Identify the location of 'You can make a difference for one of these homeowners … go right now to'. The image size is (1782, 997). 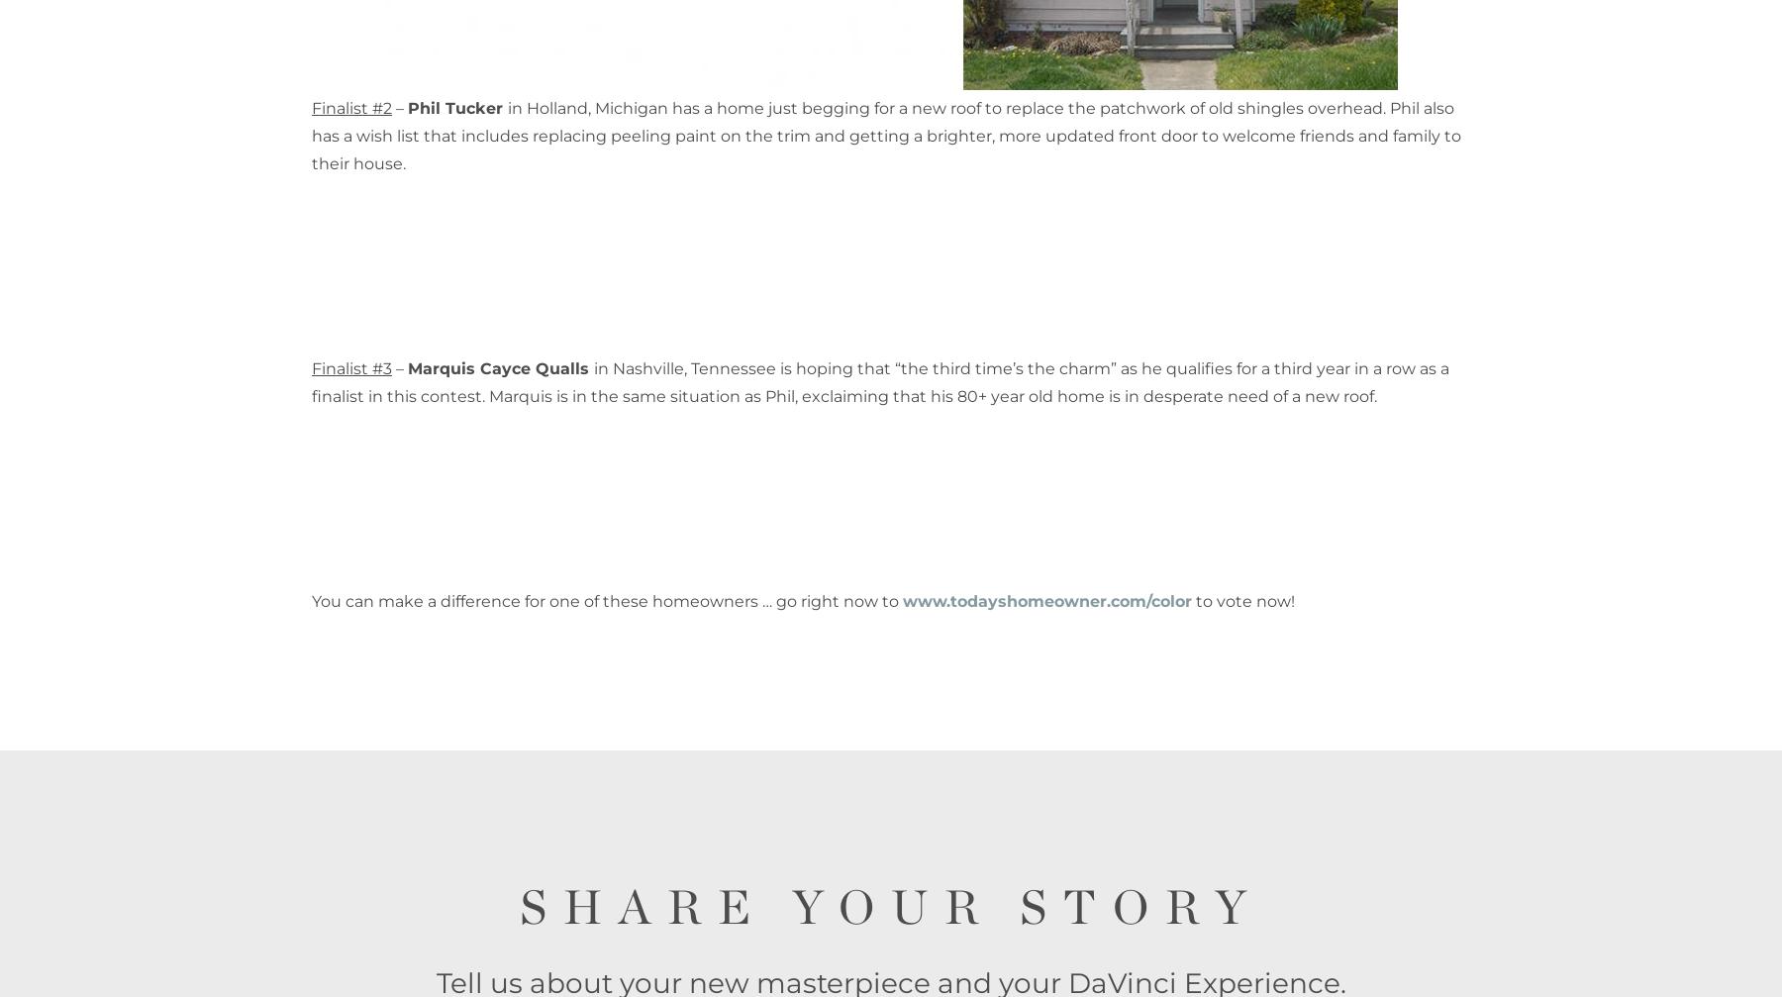
(607, 600).